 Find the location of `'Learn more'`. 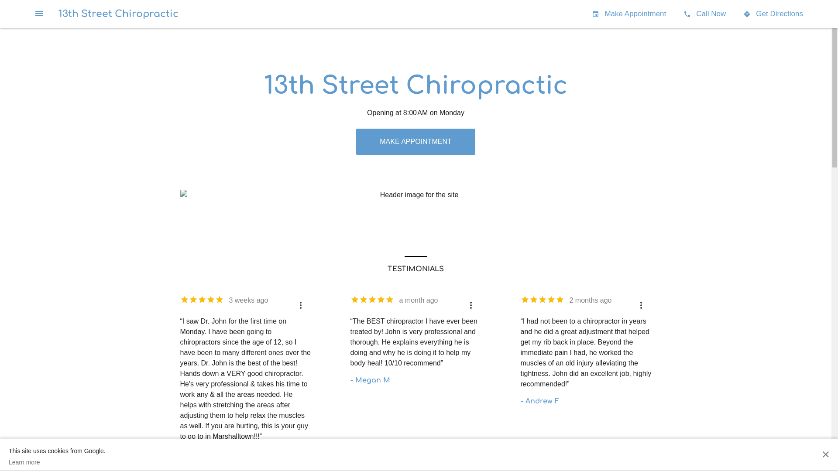

'Learn more' is located at coordinates (56, 462).